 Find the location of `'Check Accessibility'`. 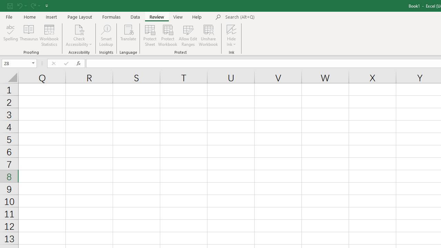

'Check Accessibility' is located at coordinates (79, 35).